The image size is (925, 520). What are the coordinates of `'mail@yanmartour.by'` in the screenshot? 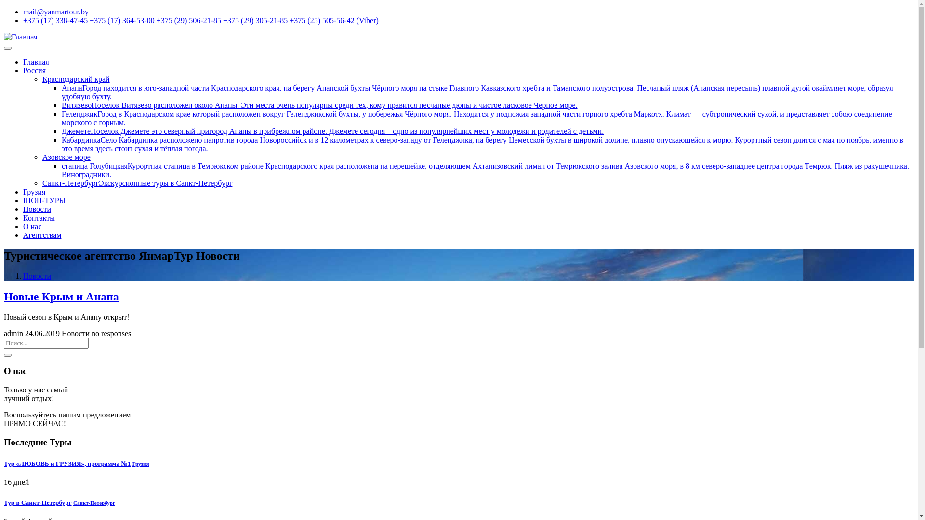 It's located at (55, 12).